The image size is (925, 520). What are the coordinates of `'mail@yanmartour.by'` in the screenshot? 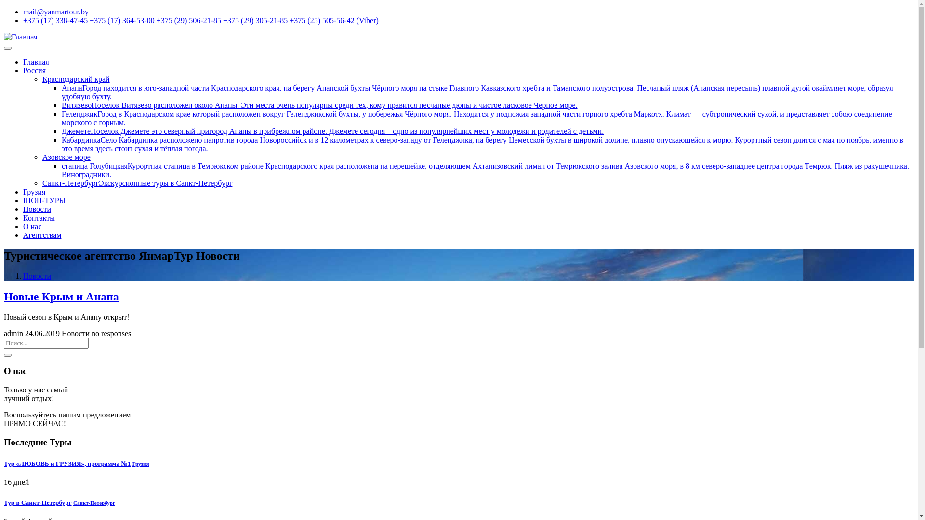 It's located at (55, 12).